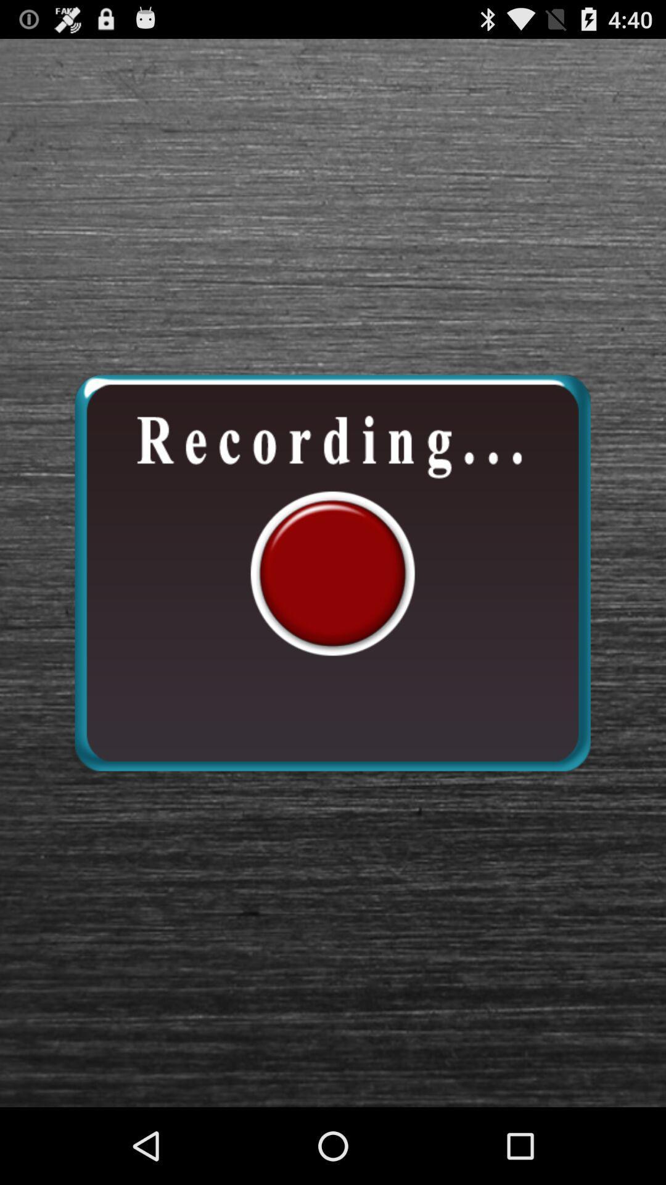 The width and height of the screenshot is (666, 1185). I want to click on record, so click(332, 572).